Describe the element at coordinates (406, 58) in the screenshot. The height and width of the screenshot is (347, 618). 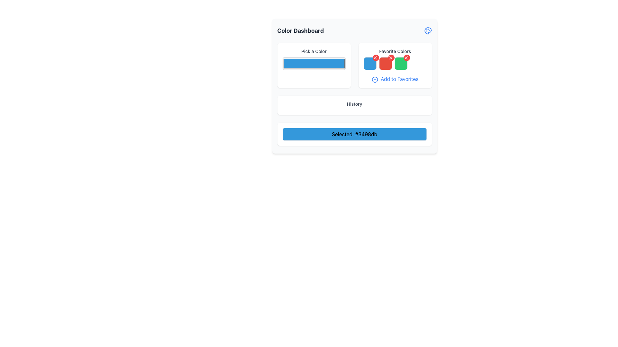
I see `the close or delete button located at the top-right corner of the green color tile in the Favorite Colors section of the dashboard` at that location.